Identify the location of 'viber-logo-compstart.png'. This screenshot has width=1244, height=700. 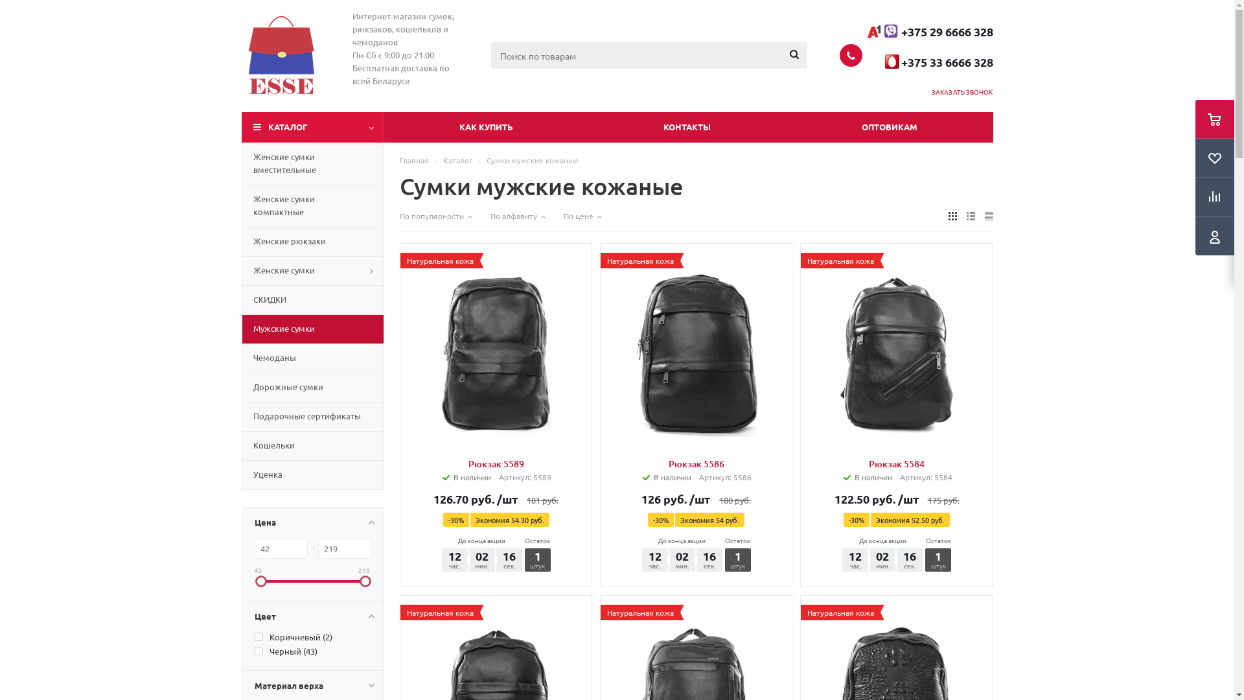
(890, 29).